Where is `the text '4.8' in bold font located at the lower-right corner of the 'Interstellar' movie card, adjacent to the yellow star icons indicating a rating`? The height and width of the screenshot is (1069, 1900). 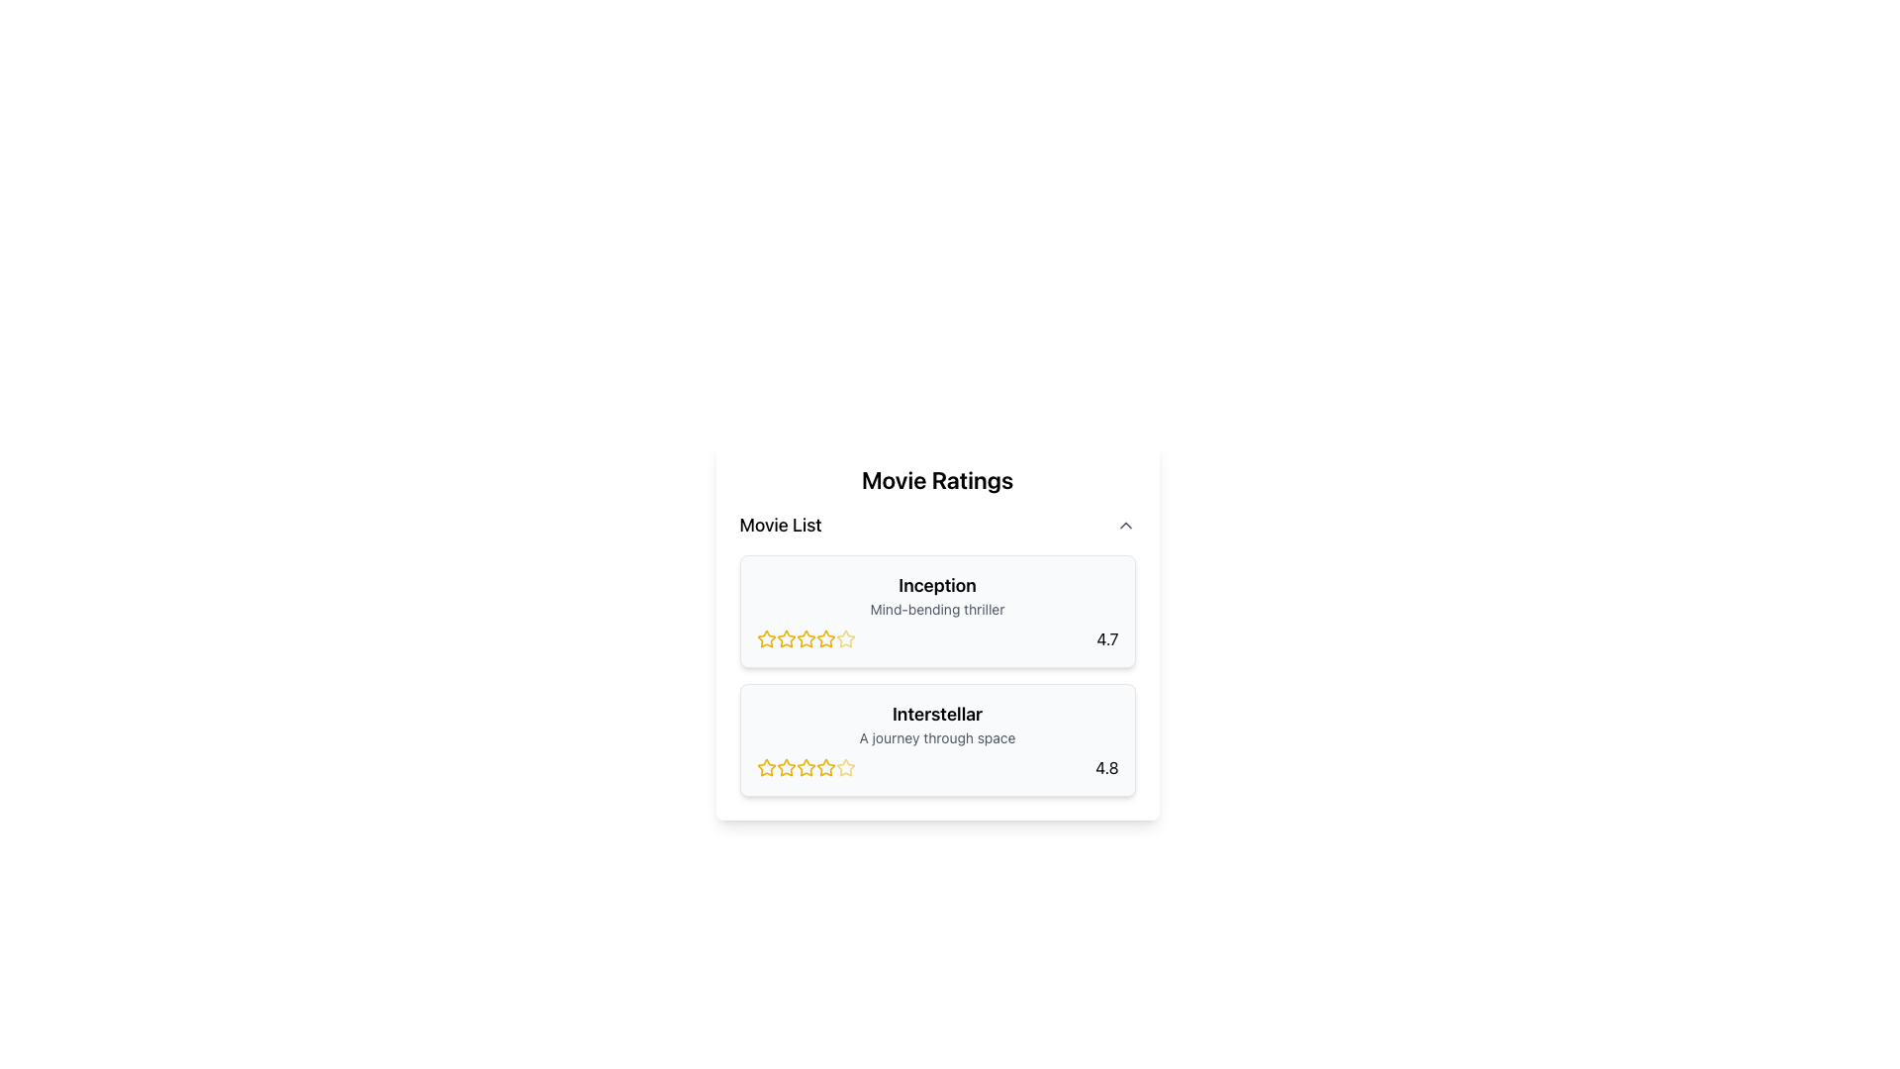 the text '4.8' in bold font located at the lower-right corner of the 'Interstellar' movie card, adjacent to the yellow star icons indicating a rating is located at coordinates (1105, 766).